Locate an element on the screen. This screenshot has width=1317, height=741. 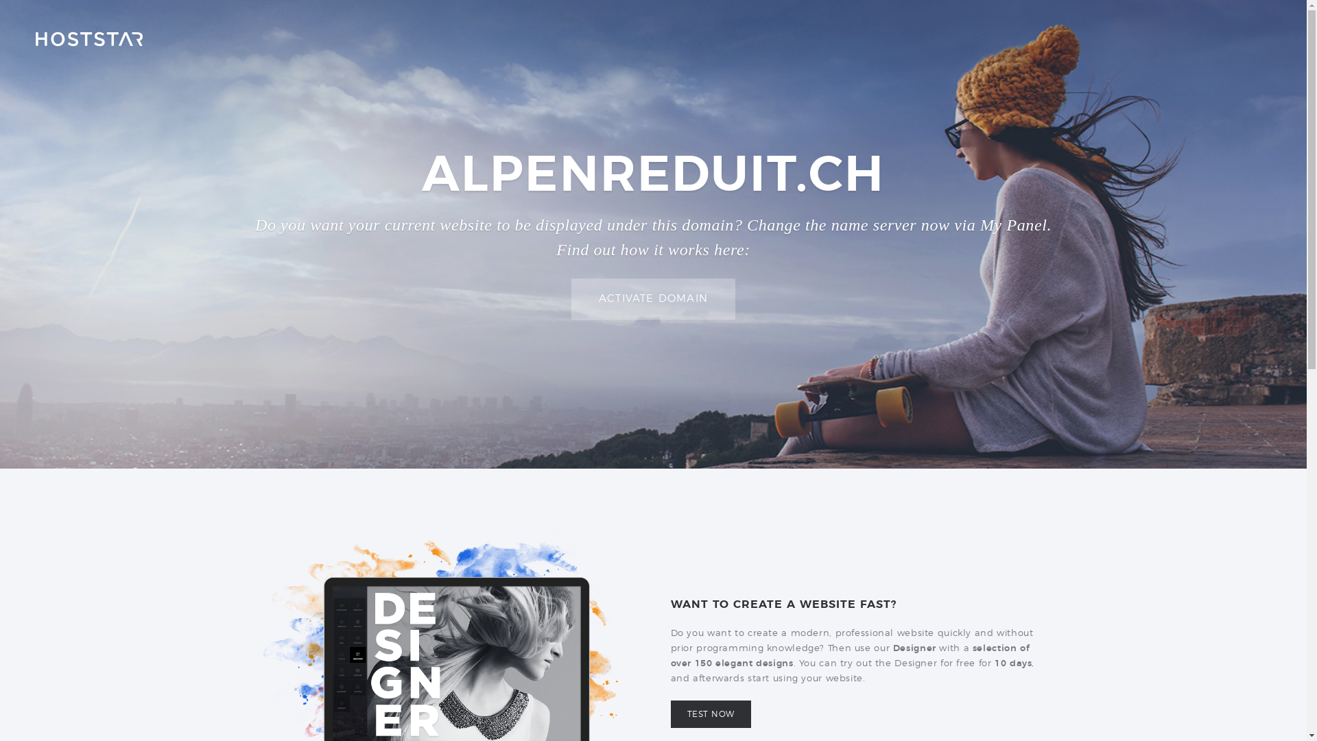
'TEST NOW' is located at coordinates (711, 714).